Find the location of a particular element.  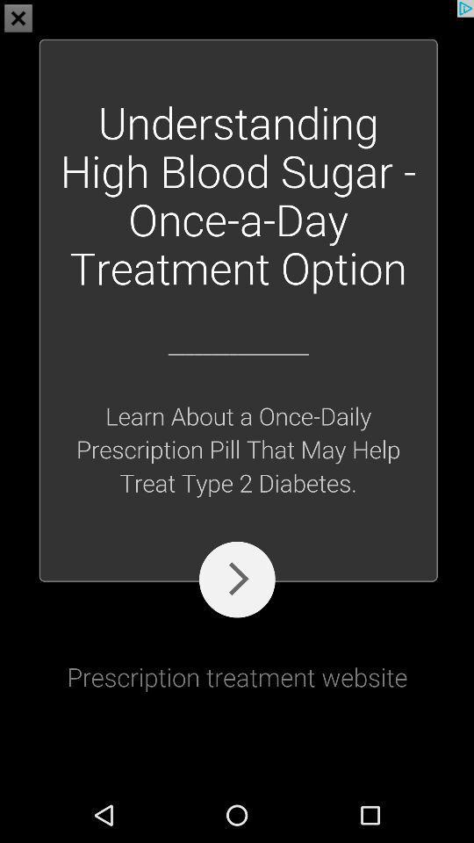

the close icon is located at coordinates (18, 18).